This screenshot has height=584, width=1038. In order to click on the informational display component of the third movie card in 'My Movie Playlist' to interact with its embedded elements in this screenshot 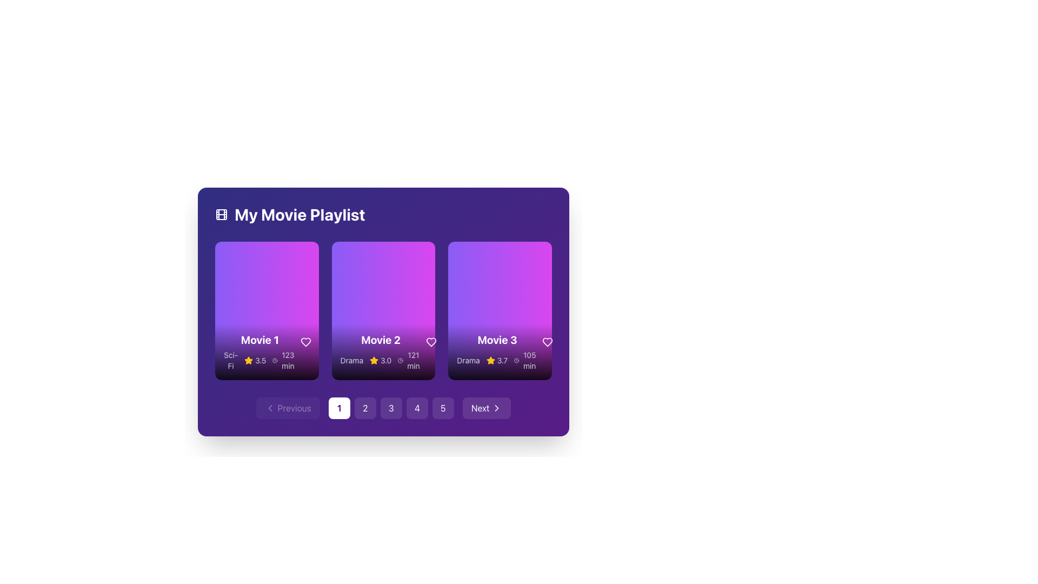, I will do `click(500, 352)`.